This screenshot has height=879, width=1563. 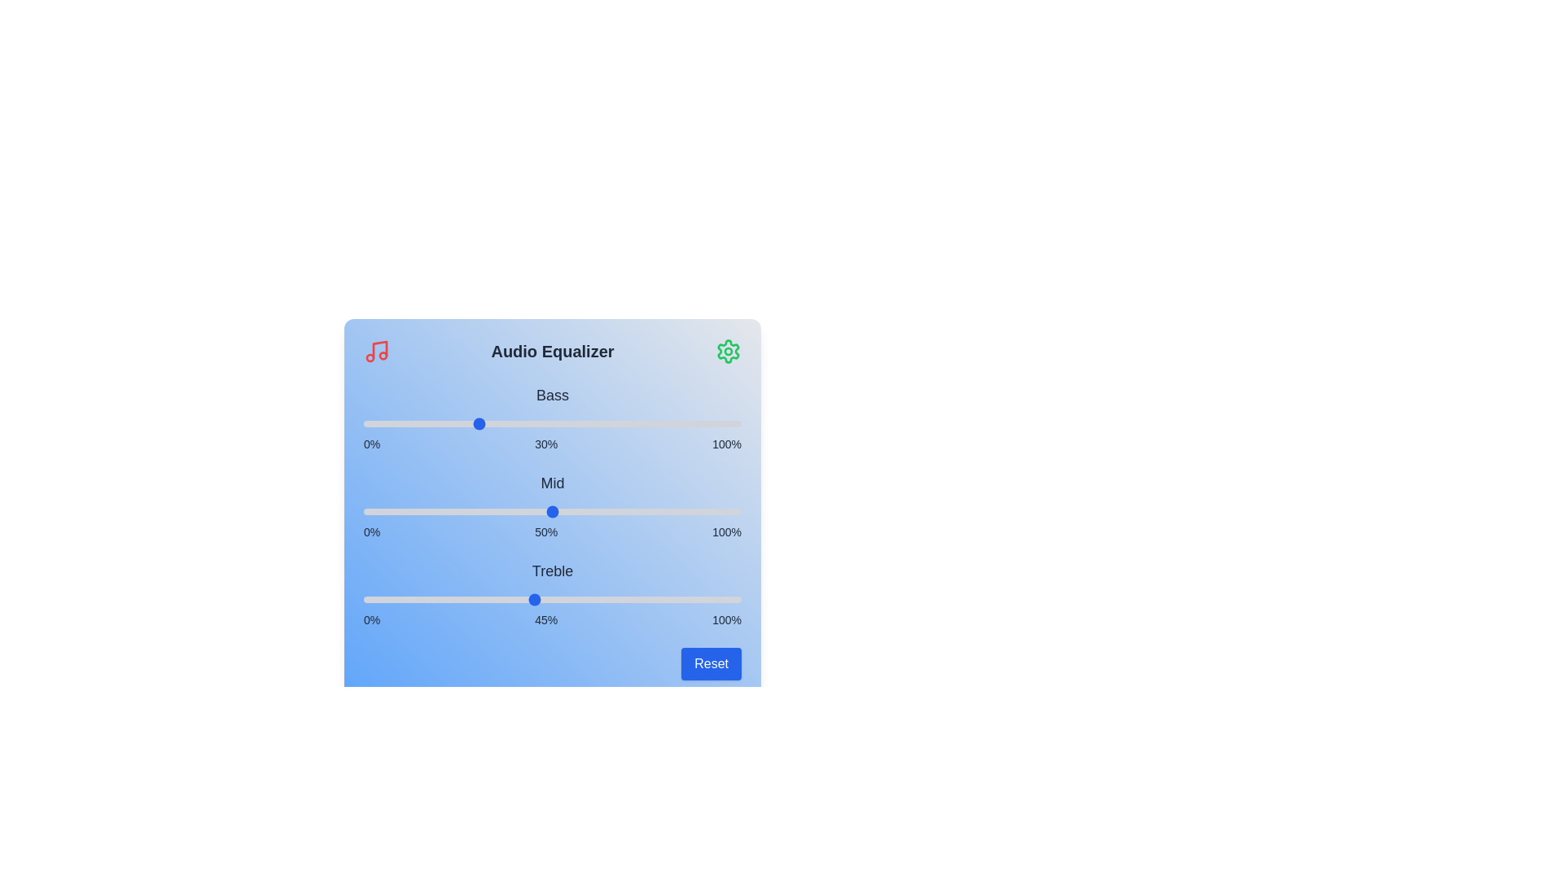 What do you see at coordinates (375, 351) in the screenshot?
I see `the music icon to interact with it` at bounding box center [375, 351].